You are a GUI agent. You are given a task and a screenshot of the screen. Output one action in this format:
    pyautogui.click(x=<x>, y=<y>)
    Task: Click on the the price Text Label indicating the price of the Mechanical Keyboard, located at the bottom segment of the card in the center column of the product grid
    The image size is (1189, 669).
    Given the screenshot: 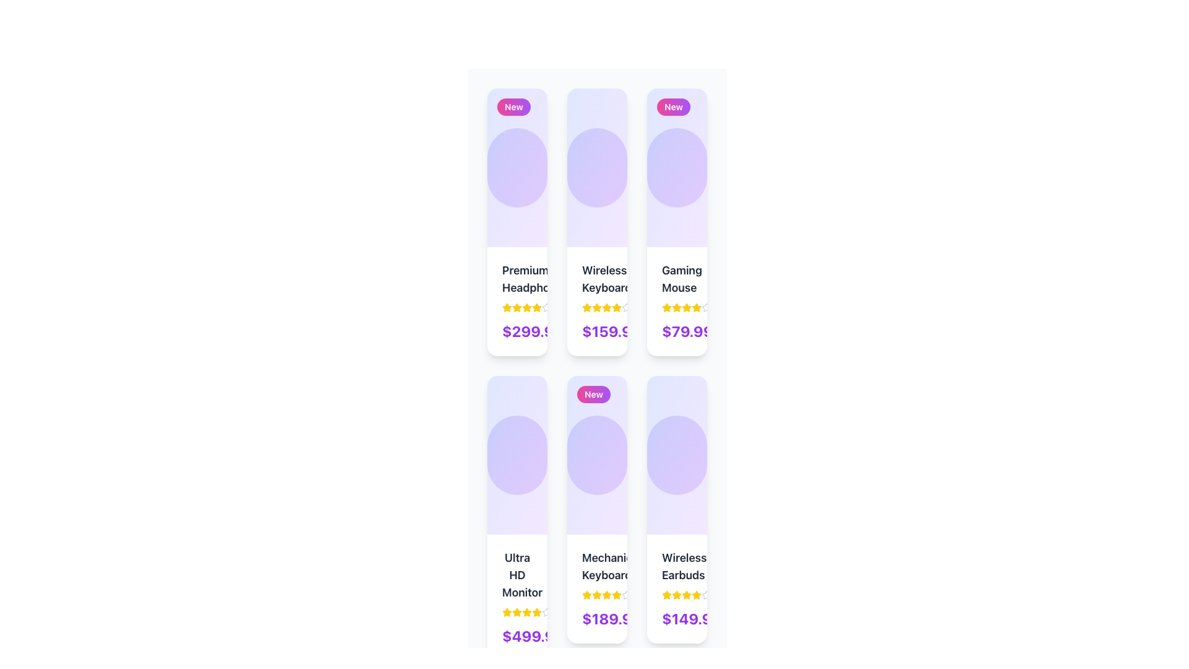 What is the action you would take?
    pyautogui.click(x=612, y=619)
    